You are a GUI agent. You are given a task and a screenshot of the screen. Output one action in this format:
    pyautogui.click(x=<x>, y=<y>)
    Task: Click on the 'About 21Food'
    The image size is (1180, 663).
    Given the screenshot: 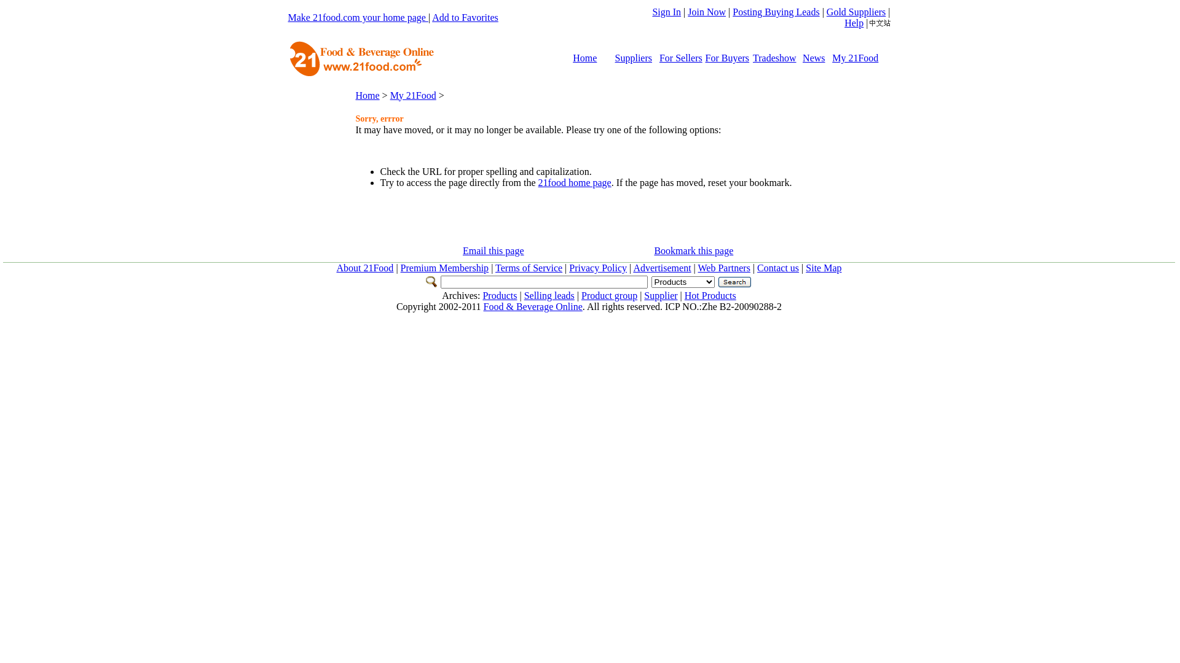 What is the action you would take?
    pyautogui.click(x=364, y=267)
    